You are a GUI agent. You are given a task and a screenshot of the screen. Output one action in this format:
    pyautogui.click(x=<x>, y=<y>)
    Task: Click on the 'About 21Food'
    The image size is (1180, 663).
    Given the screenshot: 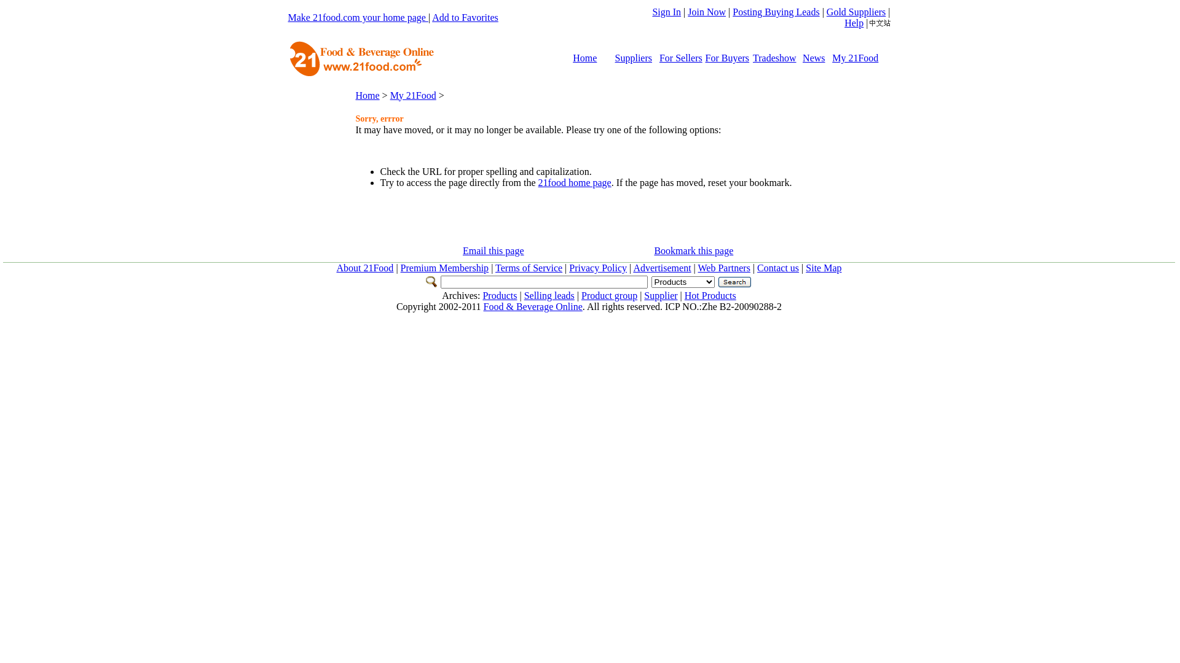 What is the action you would take?
    pyautogui.click(x=364, y=267)
    